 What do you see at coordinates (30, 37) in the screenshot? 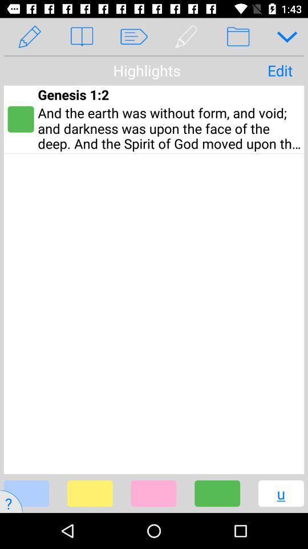
I see `the edit icon` at bounding box center [30, 37].